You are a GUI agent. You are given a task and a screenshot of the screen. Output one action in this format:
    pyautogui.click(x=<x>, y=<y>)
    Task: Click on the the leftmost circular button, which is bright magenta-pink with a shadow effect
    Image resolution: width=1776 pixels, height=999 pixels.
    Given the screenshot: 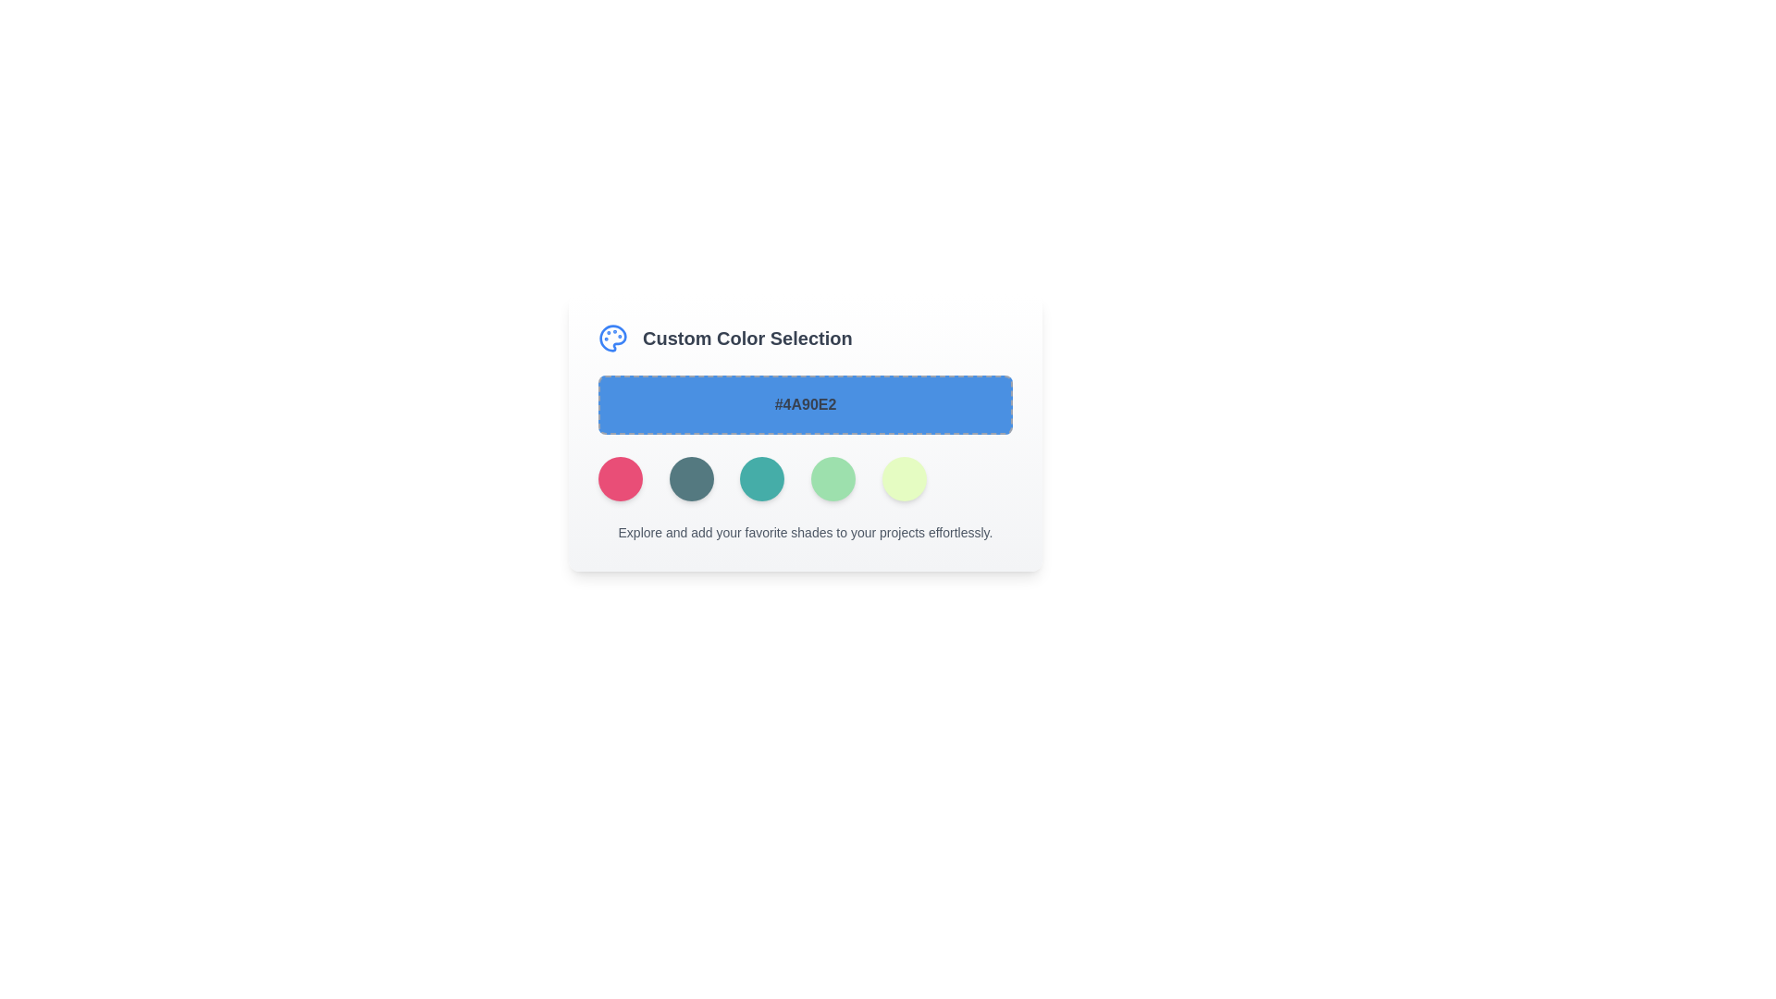 What is the action you would take?
    pyautogui.click(x=621, y=477)
    